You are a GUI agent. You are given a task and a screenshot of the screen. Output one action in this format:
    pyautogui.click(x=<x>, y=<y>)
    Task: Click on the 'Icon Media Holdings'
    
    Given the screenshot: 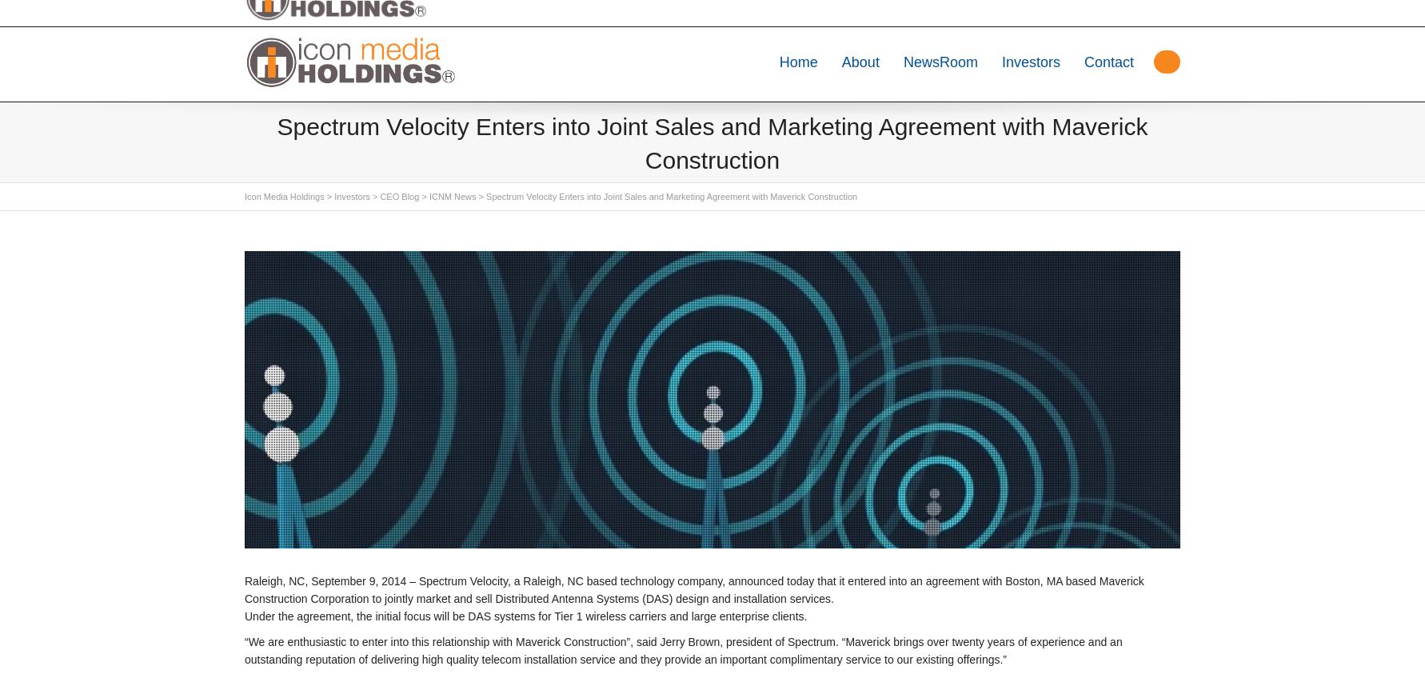 What is the action you would take?
    pyautogui.click(x=243, y=196)
    